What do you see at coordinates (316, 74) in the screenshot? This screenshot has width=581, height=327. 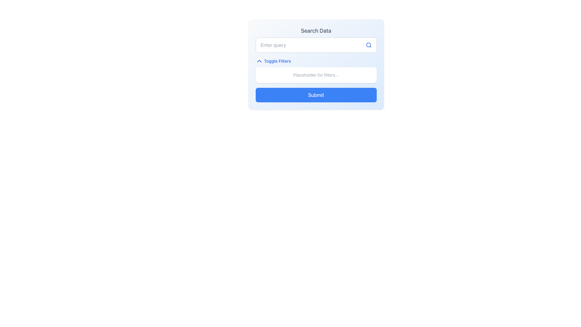 I see `the inactive placeholder area located centrally beneath the 'Toggle Filters' header and above the blue 'Submit' button` at bounding box center [316, 74].